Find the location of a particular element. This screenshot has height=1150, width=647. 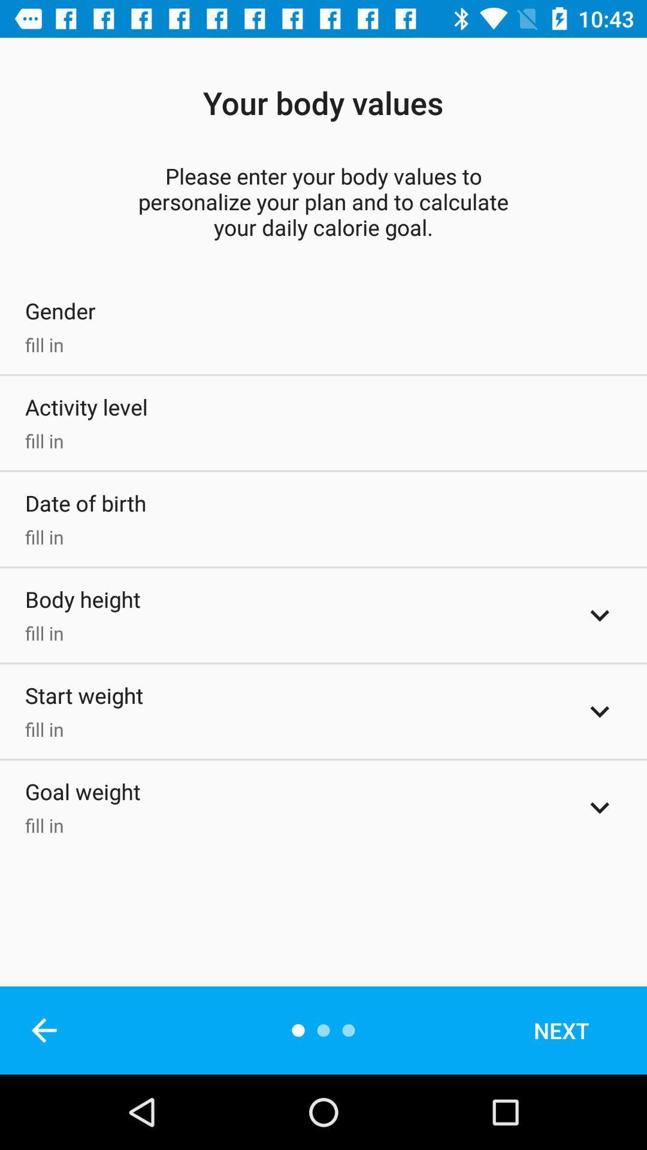

subcategory is located at coordinates (600, 615).